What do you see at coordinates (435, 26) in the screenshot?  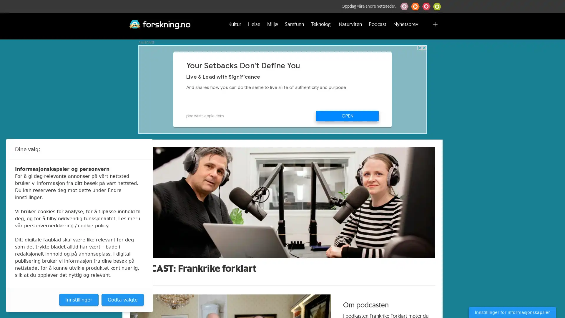 I see `Utvid meny` at bounding box center [435, 26].